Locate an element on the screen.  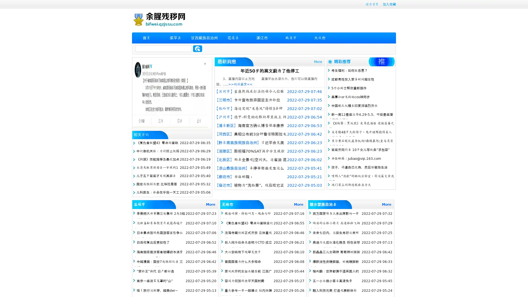
Search is located at coordinates (197, 48).